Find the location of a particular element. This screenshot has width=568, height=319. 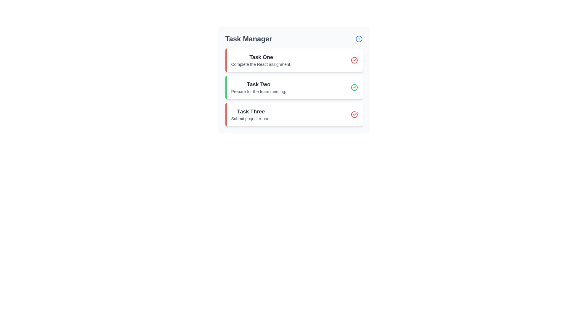

the circular graphical component located at the center of the clickable area styled as a button, which is situated to the top right of the 'Task Manager' header is located at coordinates (359, 39).